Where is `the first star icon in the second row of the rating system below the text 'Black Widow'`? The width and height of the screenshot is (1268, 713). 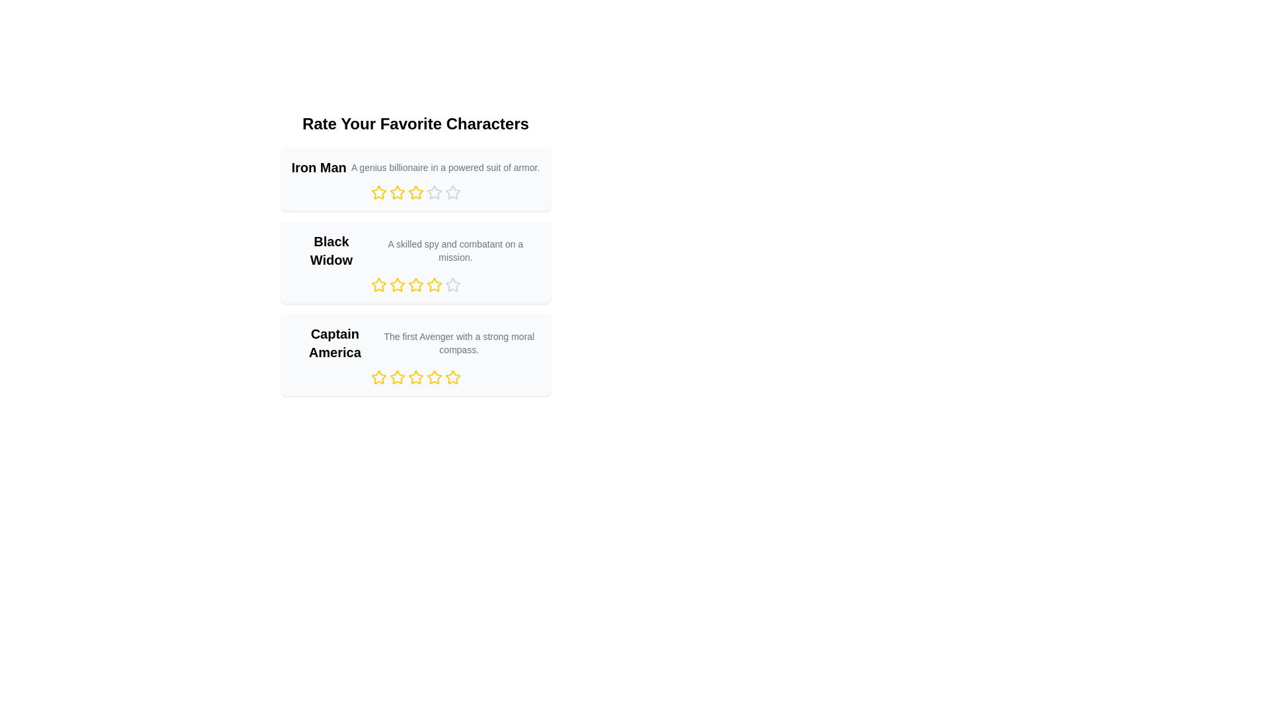
the first star icon in the second row of the rating system below the text 'Black Widow' is located at coordinates (378, 284).